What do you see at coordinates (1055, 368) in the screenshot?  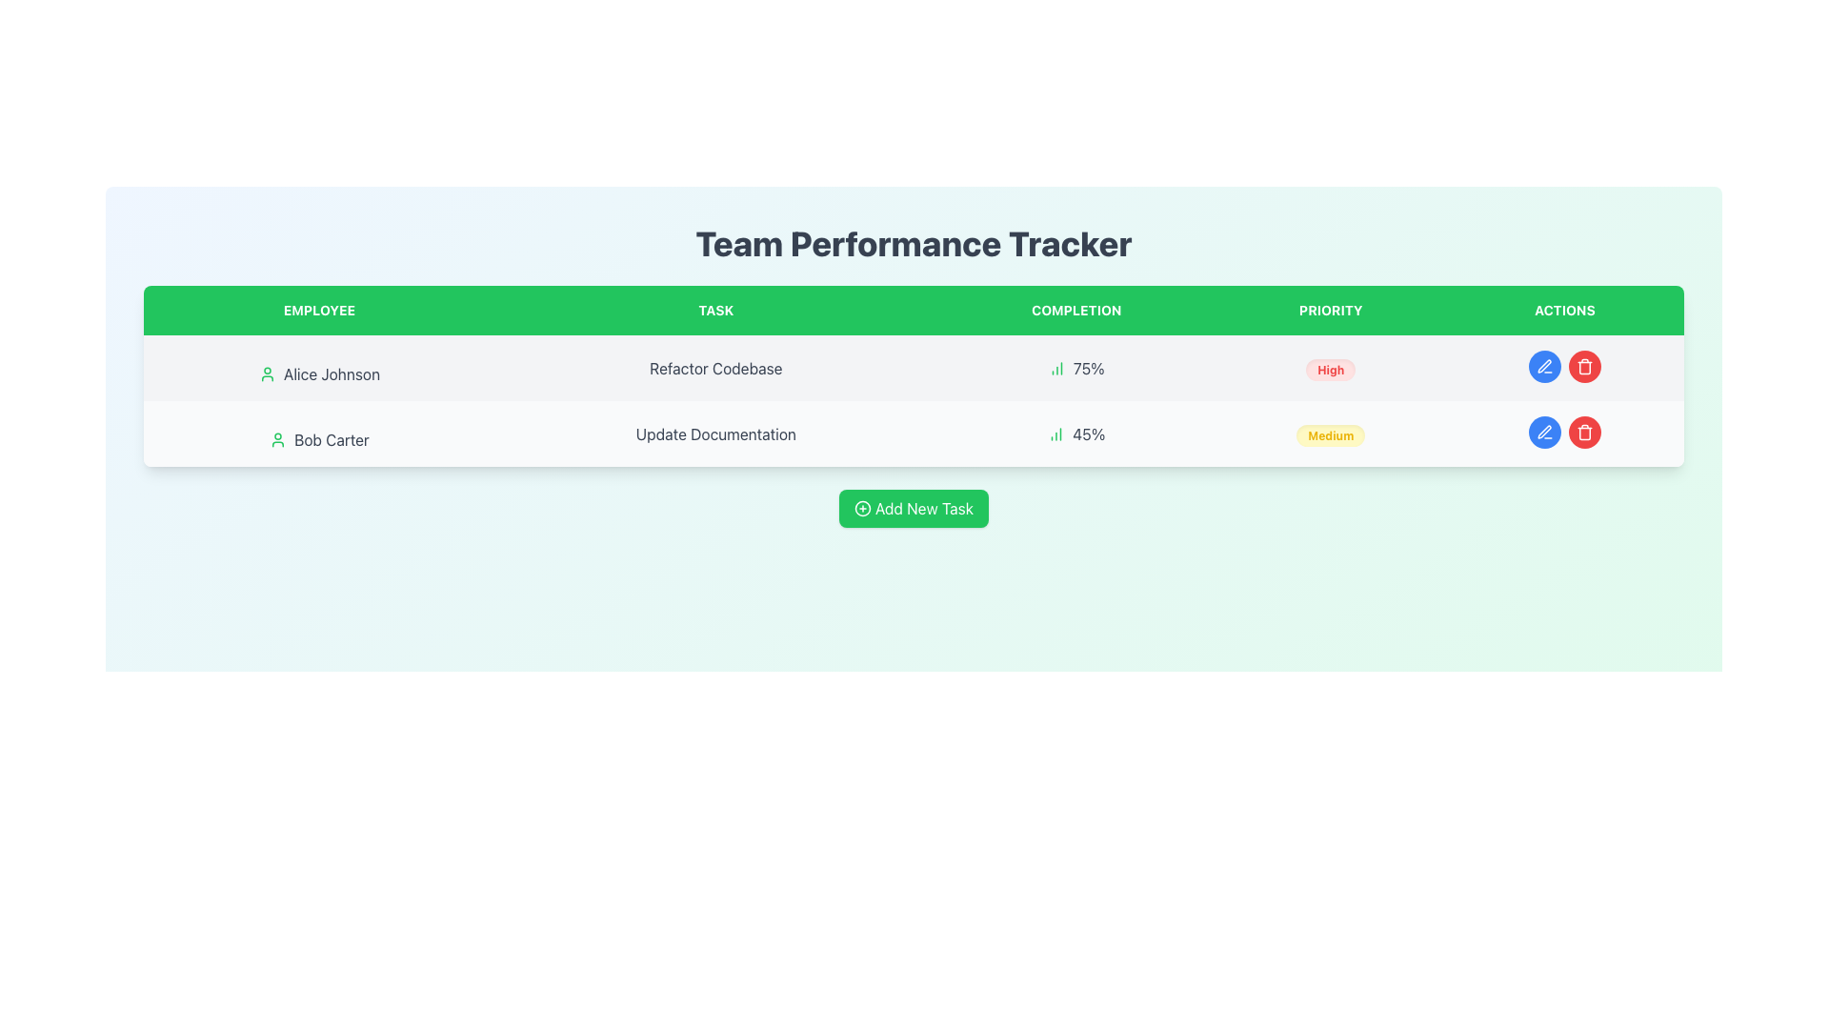 I see `the small green bar chart icon located in the first row of the 'Completion' column, next to the '75%' completion rate for the task 'Refactor Codebase'` at bounding box center [1055, 368].